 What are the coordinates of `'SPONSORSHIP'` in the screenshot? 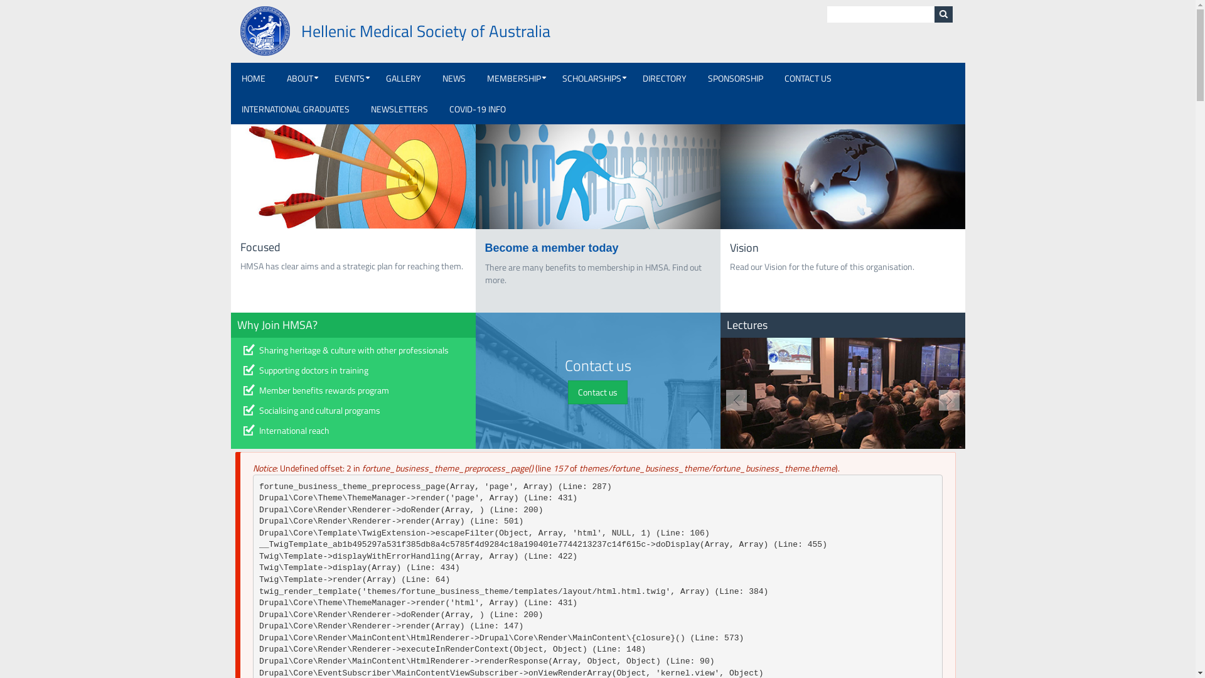 It's located at (735, 78).